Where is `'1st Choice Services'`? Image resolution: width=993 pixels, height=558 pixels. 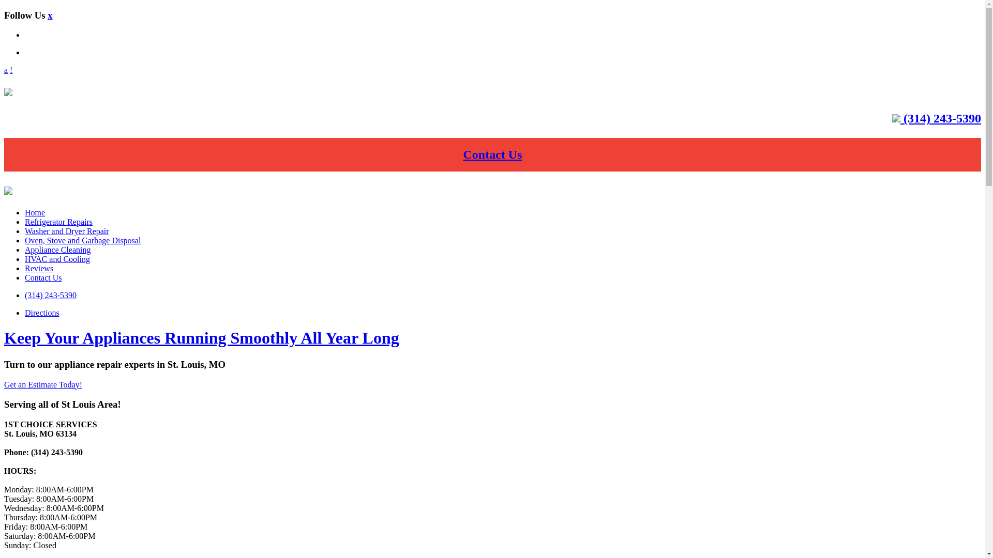 '1st Choice Services' is located at coordinates (8, 91).